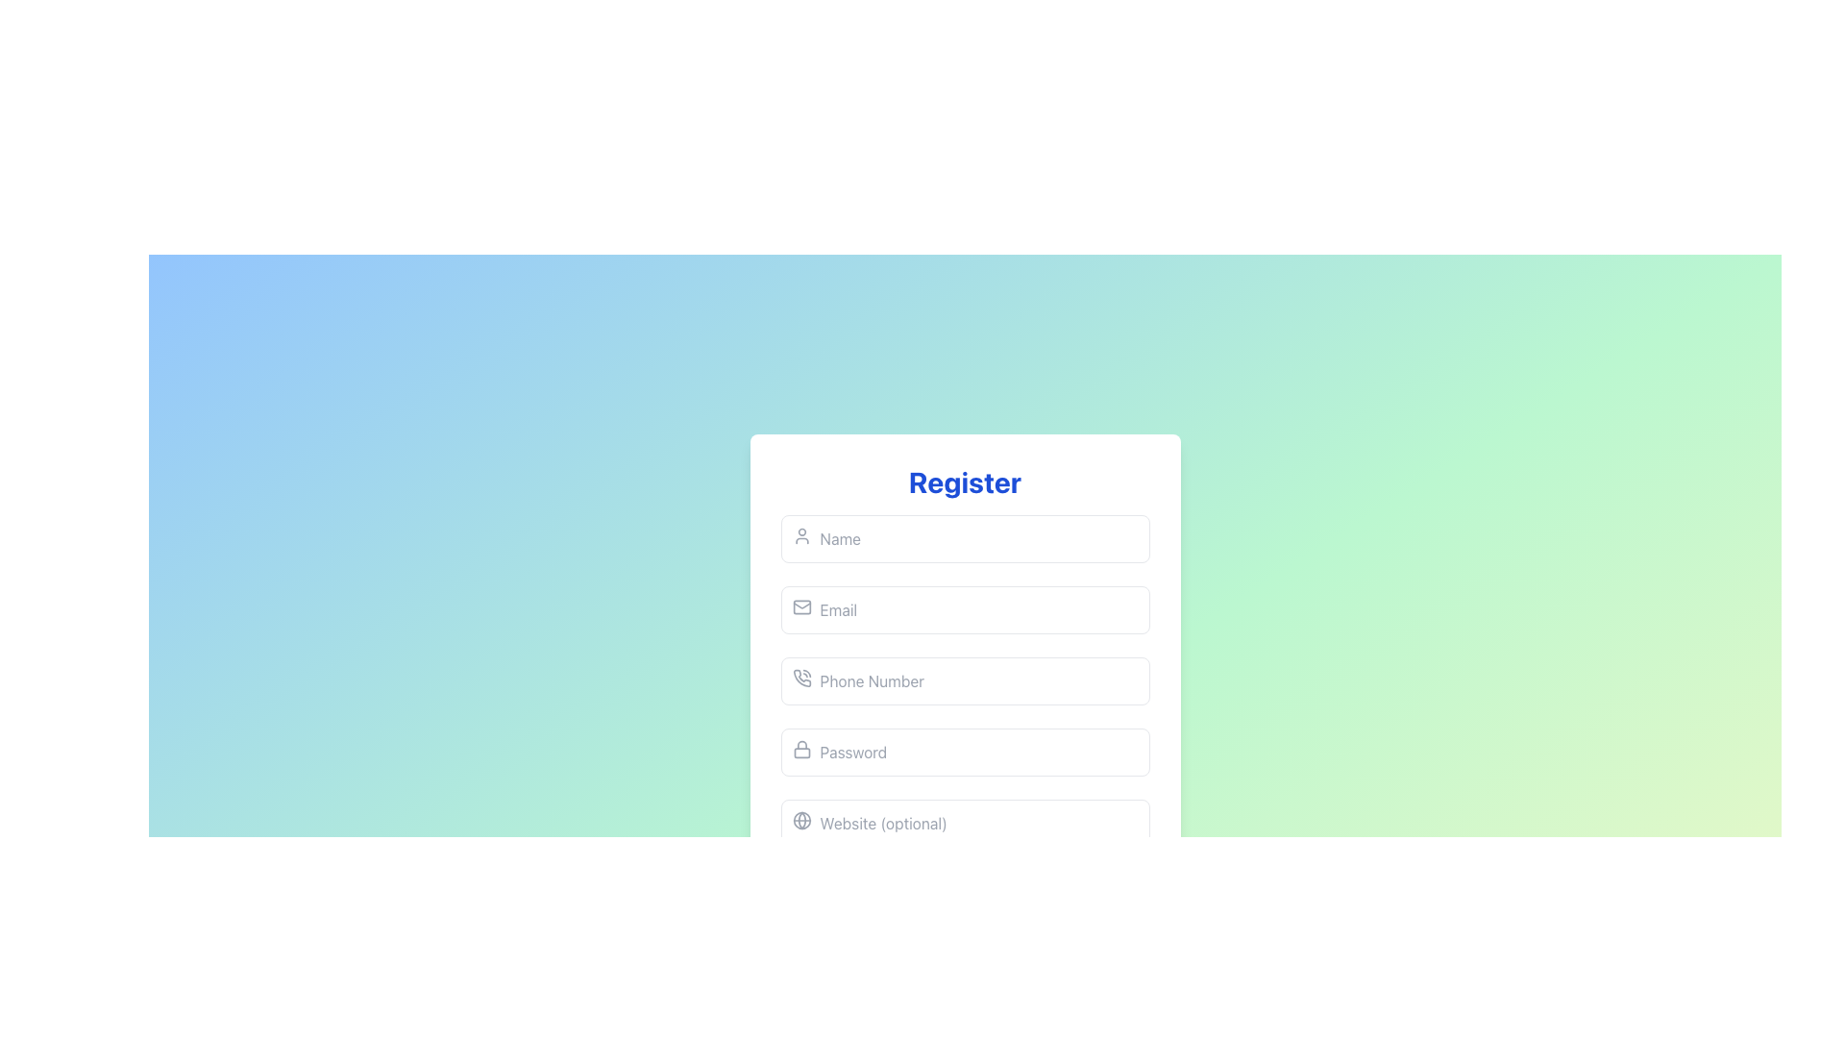  I want to click on the globe icon which is styled with circular and cross-line patterns, located to the left of the 'Website (optional)' input field, so click(801, 820).